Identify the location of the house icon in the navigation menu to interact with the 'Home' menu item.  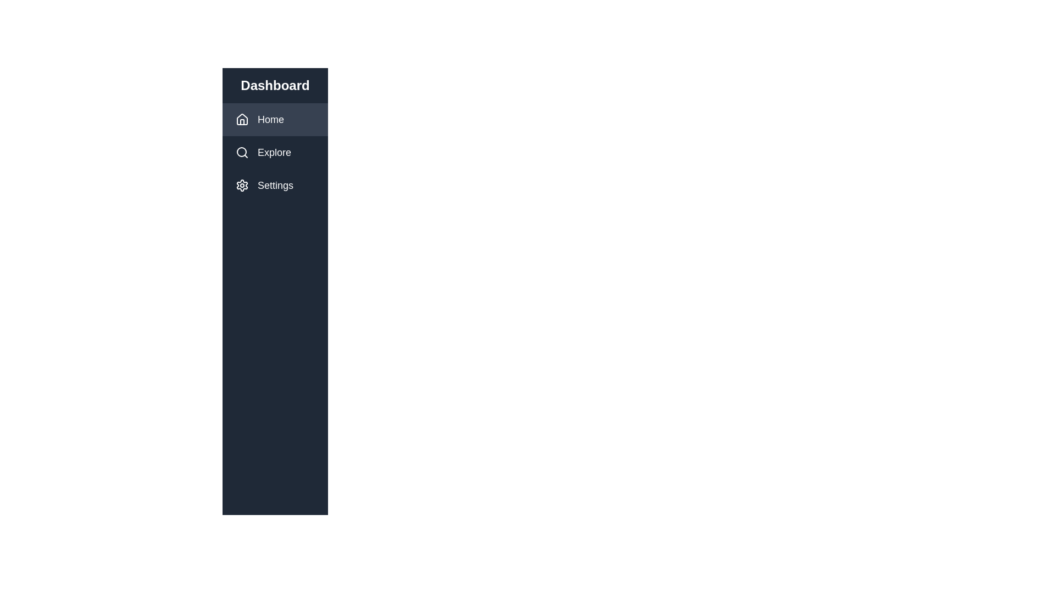
(246, 120).